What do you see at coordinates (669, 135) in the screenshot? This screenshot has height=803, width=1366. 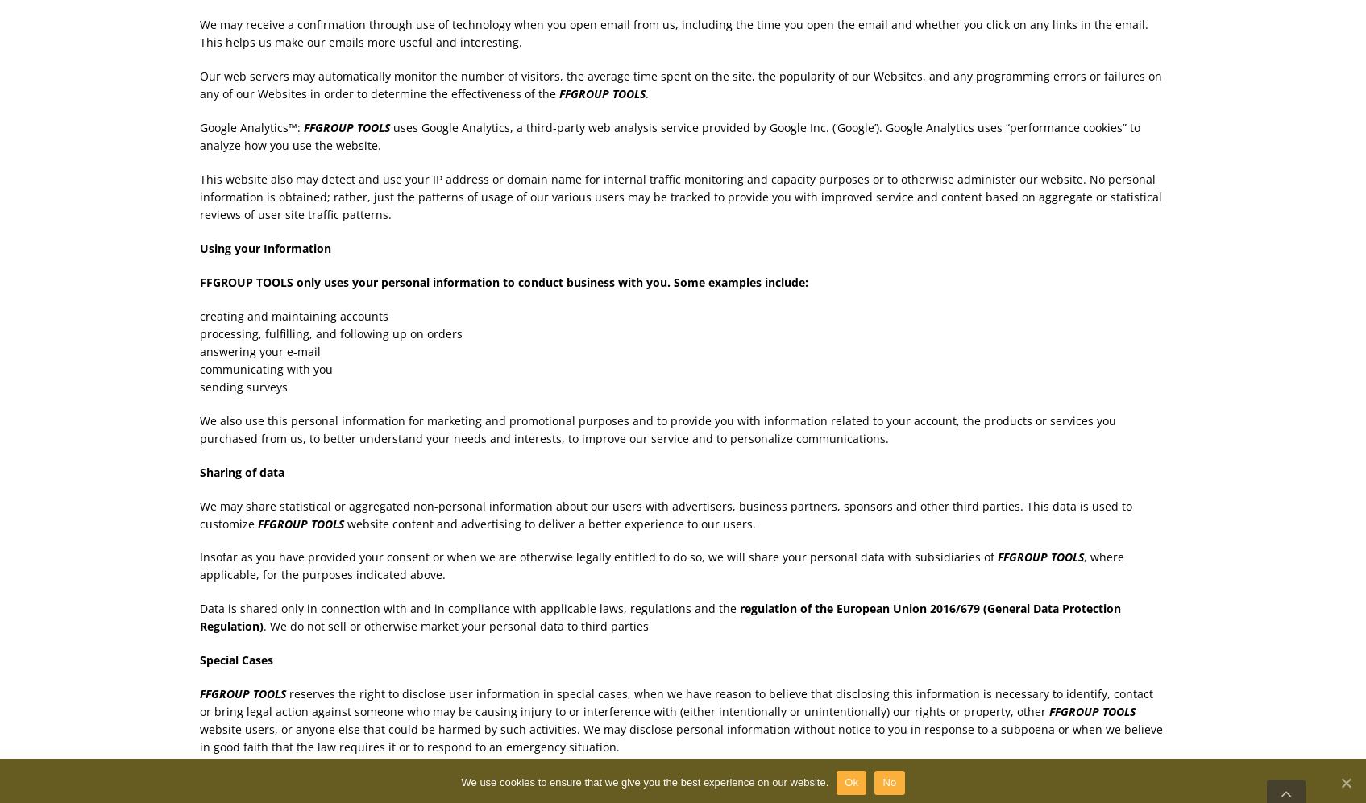 I see `'uses Google Analytics, a third-party web analysis service provided by Google Inc. (‘Google’). Google Analytics uses “performance cookies” to analyze how you use the website.'` at bounding box center [669, 135].